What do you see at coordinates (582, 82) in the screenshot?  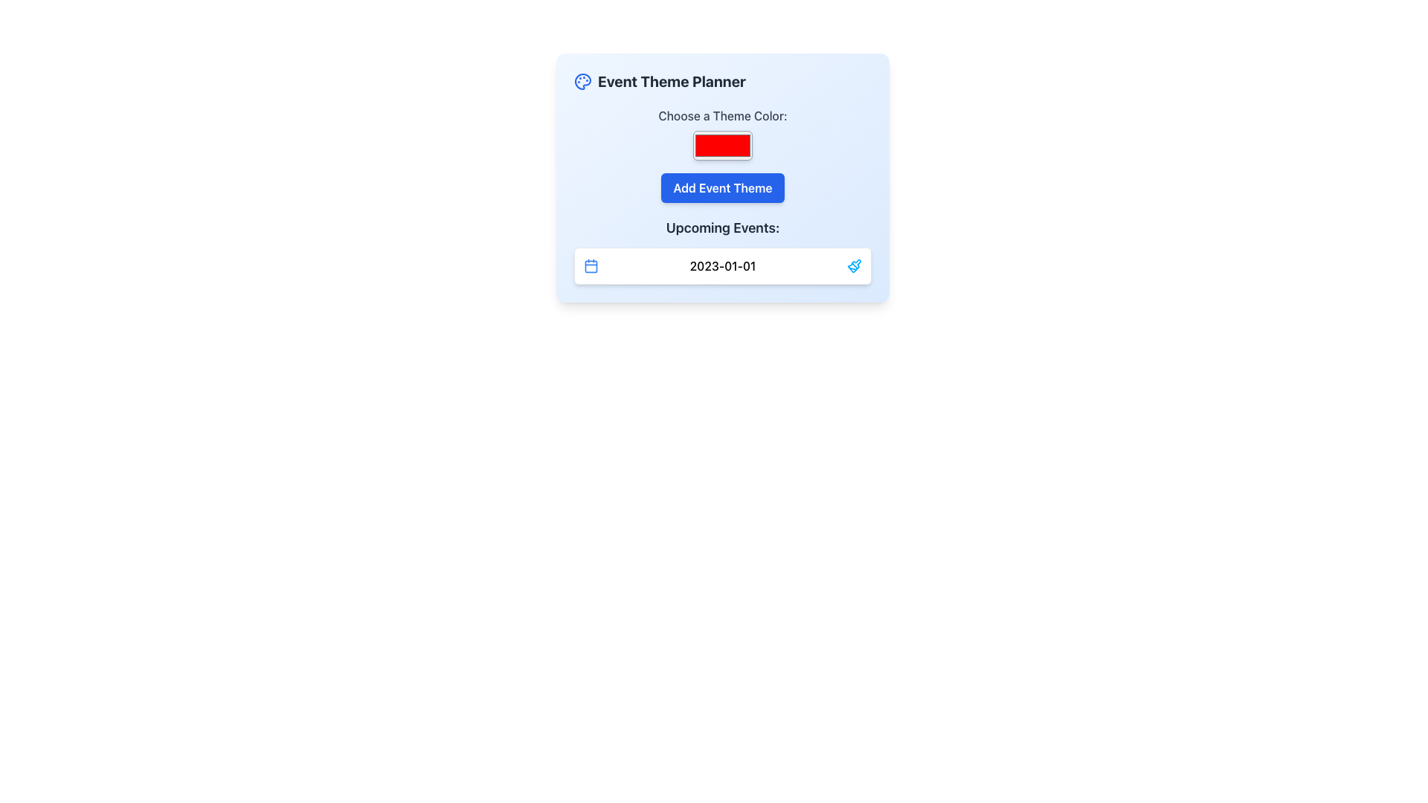 I see `the icon representing the 'Event Theme Planner' section, which is positioned to the left of the header text` at bounding box center [582, 82].